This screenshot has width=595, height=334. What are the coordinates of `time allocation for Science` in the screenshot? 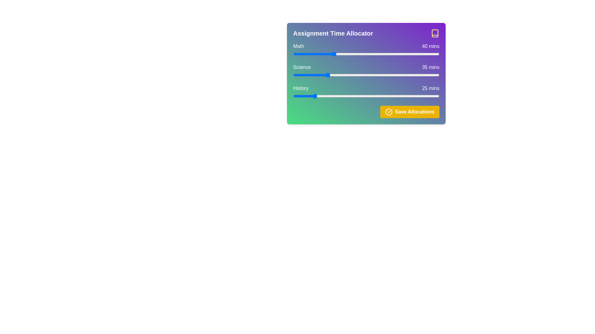 It's located at (338, 75).